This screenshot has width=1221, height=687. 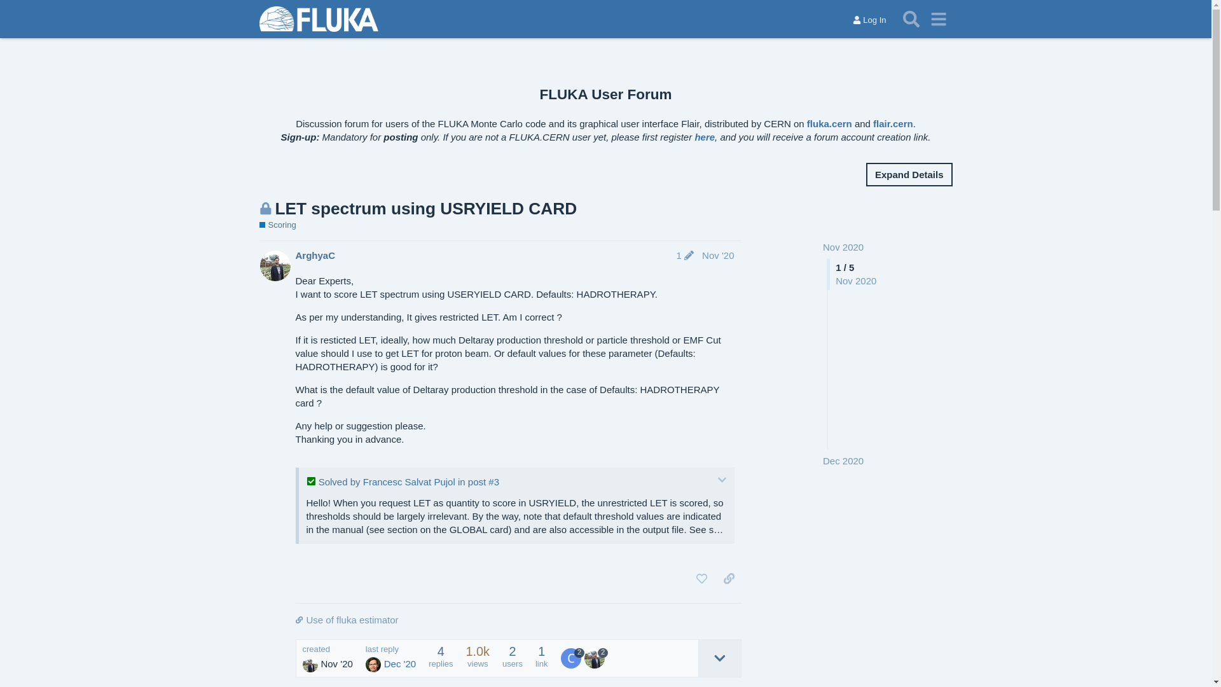 What do you see at coordinates (390, 658) in the screenshot?
I see `'last reply` at bounding box center [390, 658].